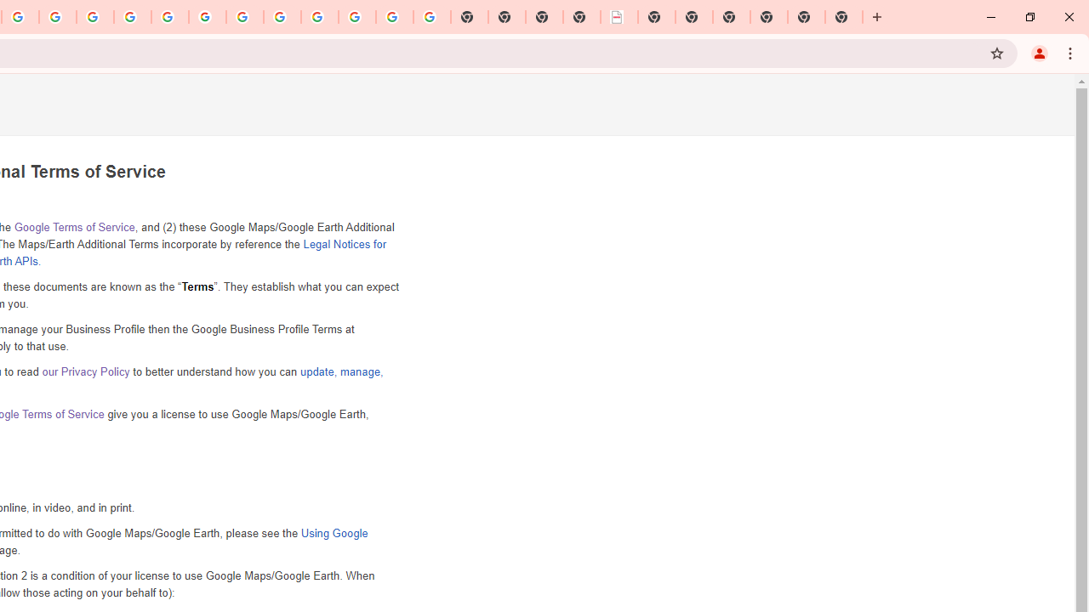 The image size is (1089, 612). What do you see at coordinates (94, 17) in the screenshot?
I see `'Privacy Help Center - Policies Help'` at bounding box center [94, 17].